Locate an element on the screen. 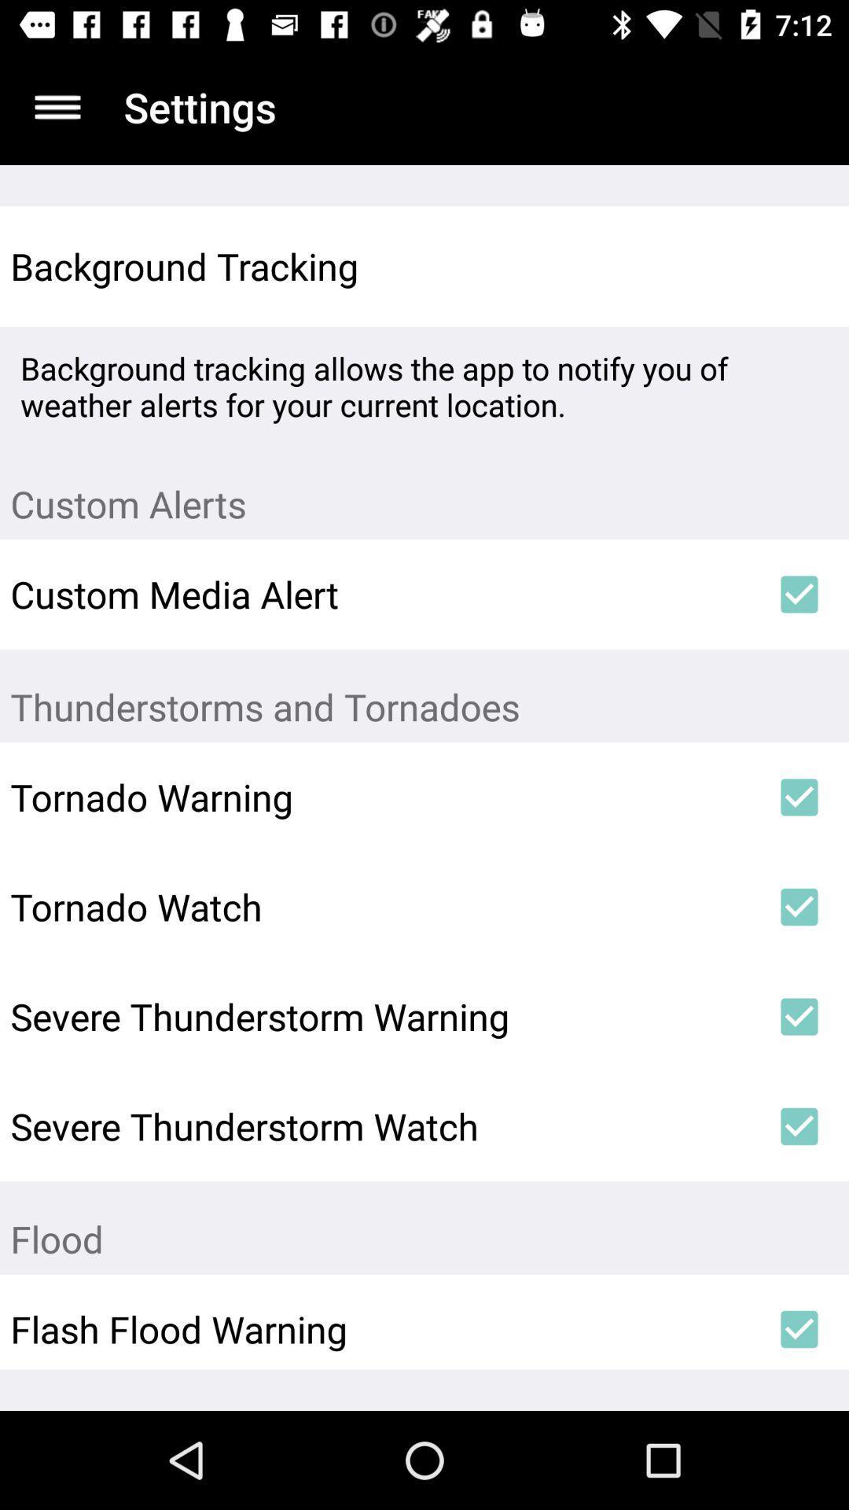  open menu is located at coordinates (57, 106).